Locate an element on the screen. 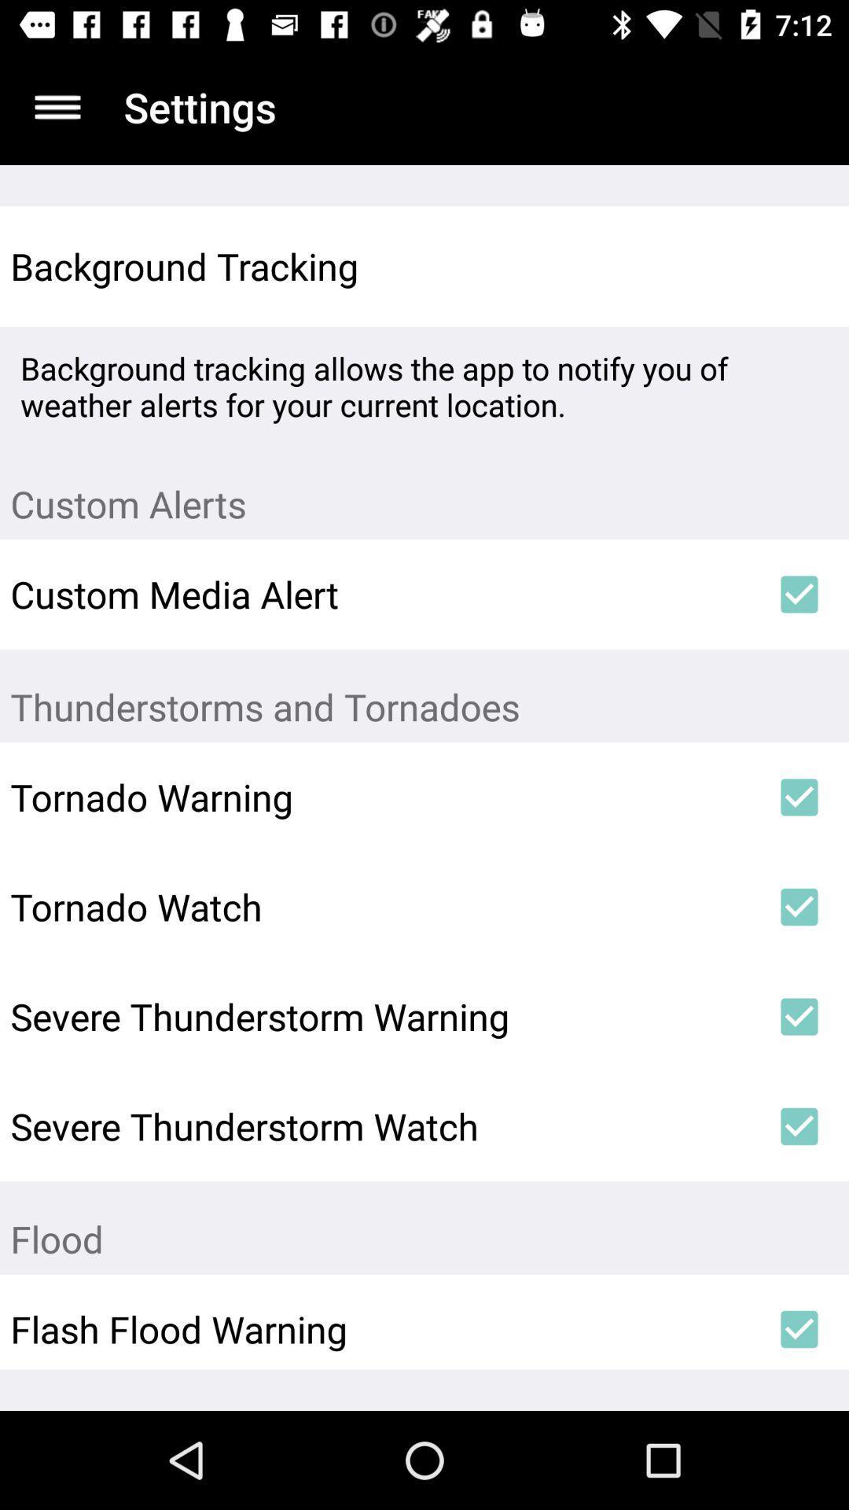  open menu is located at coordinates (57, 106).